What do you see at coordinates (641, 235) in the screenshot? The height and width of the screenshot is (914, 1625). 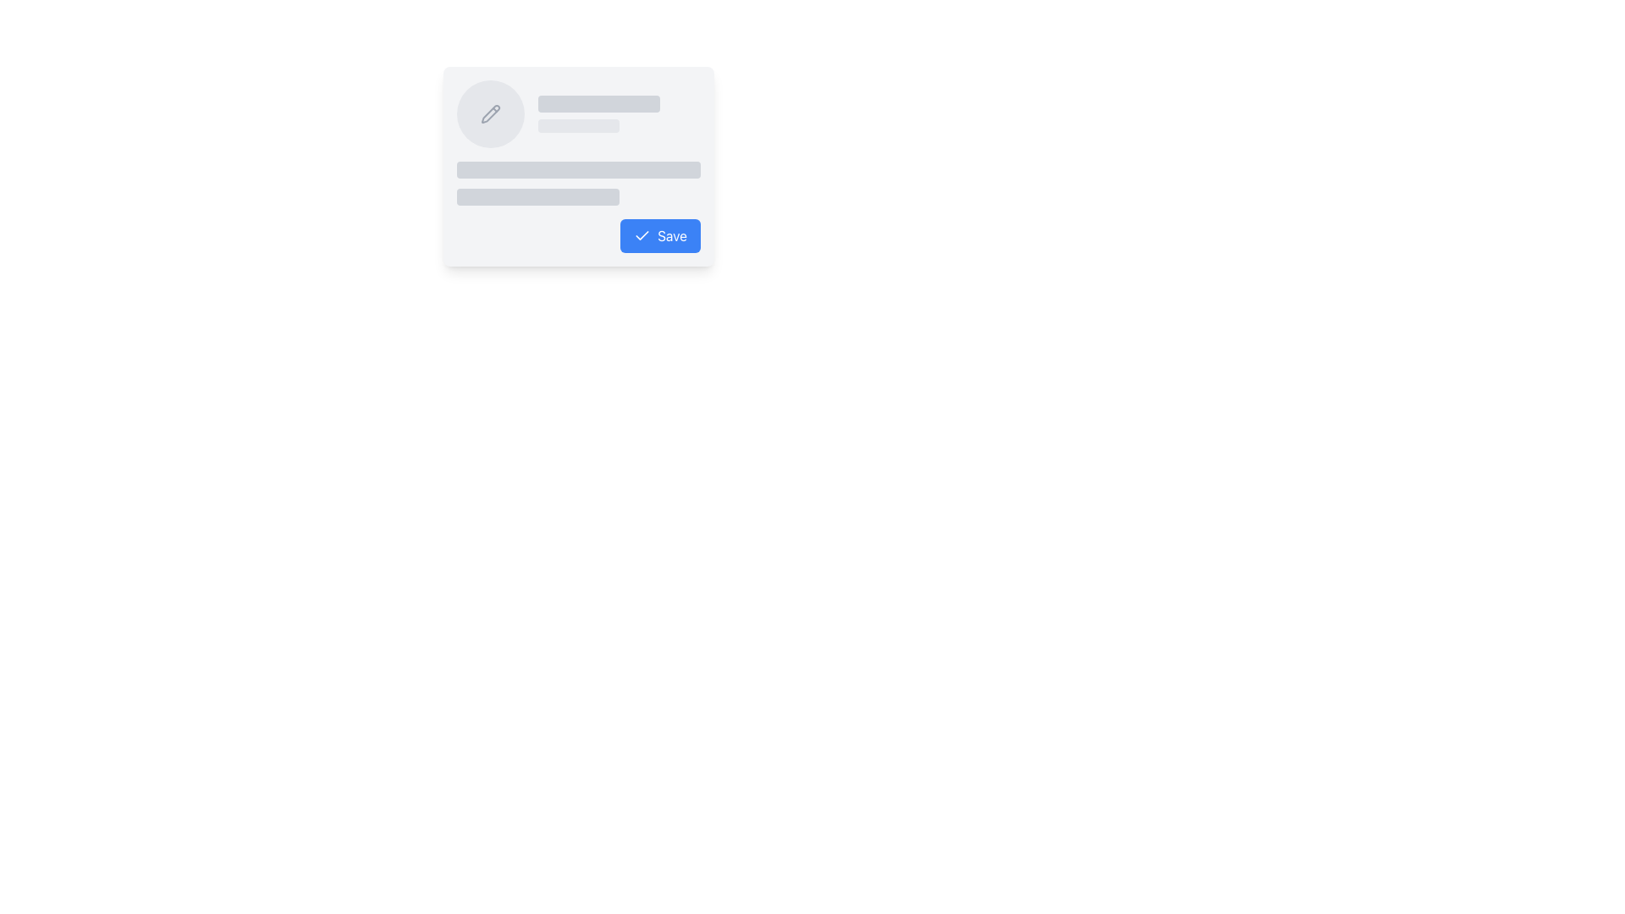 I see `the checkmark icon located to the left of the 'Save' text within the Save button in the lower section of the card interface, indicating confirmation or success` at bounding box center [641, 235].